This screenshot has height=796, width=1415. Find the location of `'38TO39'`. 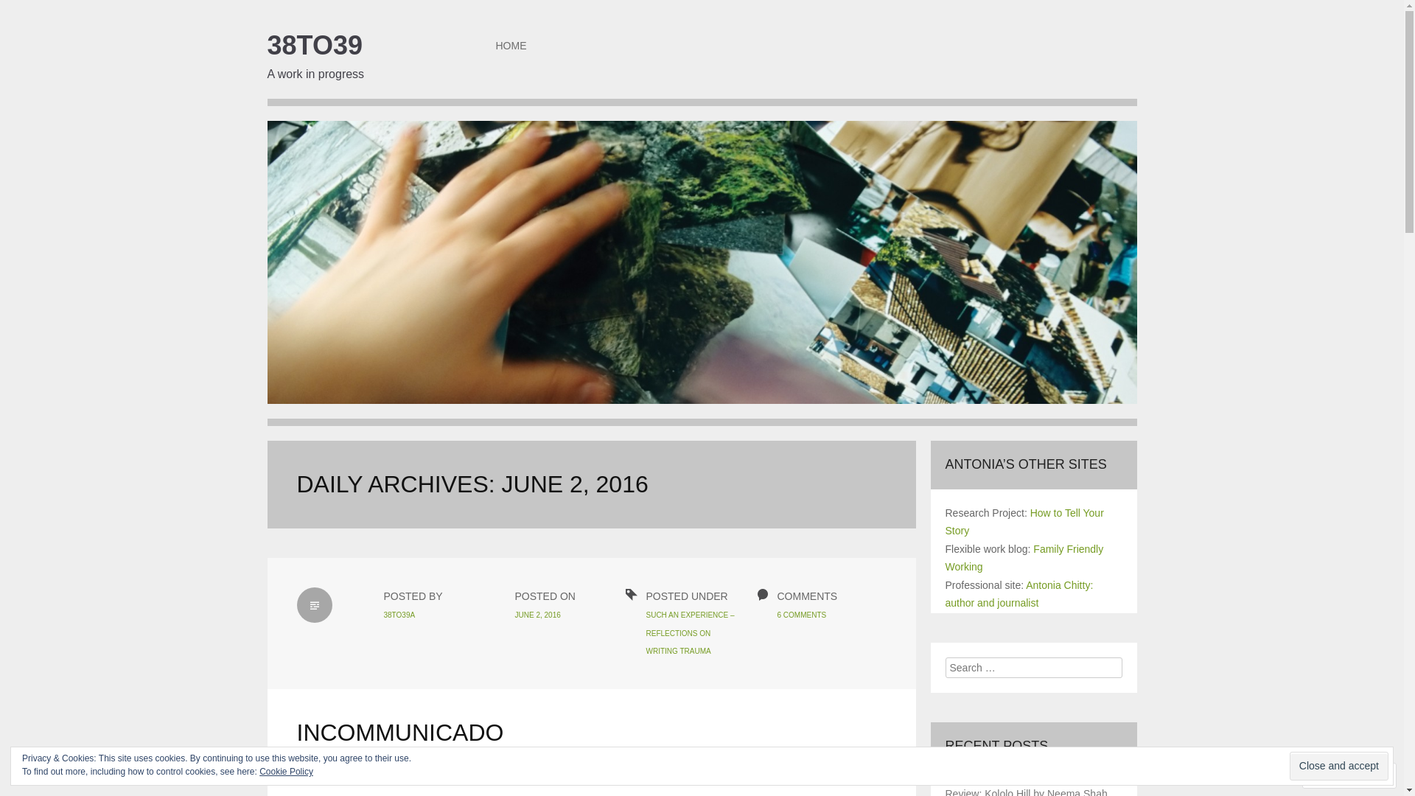

'38TO39' is located at coordinates (313, 44).